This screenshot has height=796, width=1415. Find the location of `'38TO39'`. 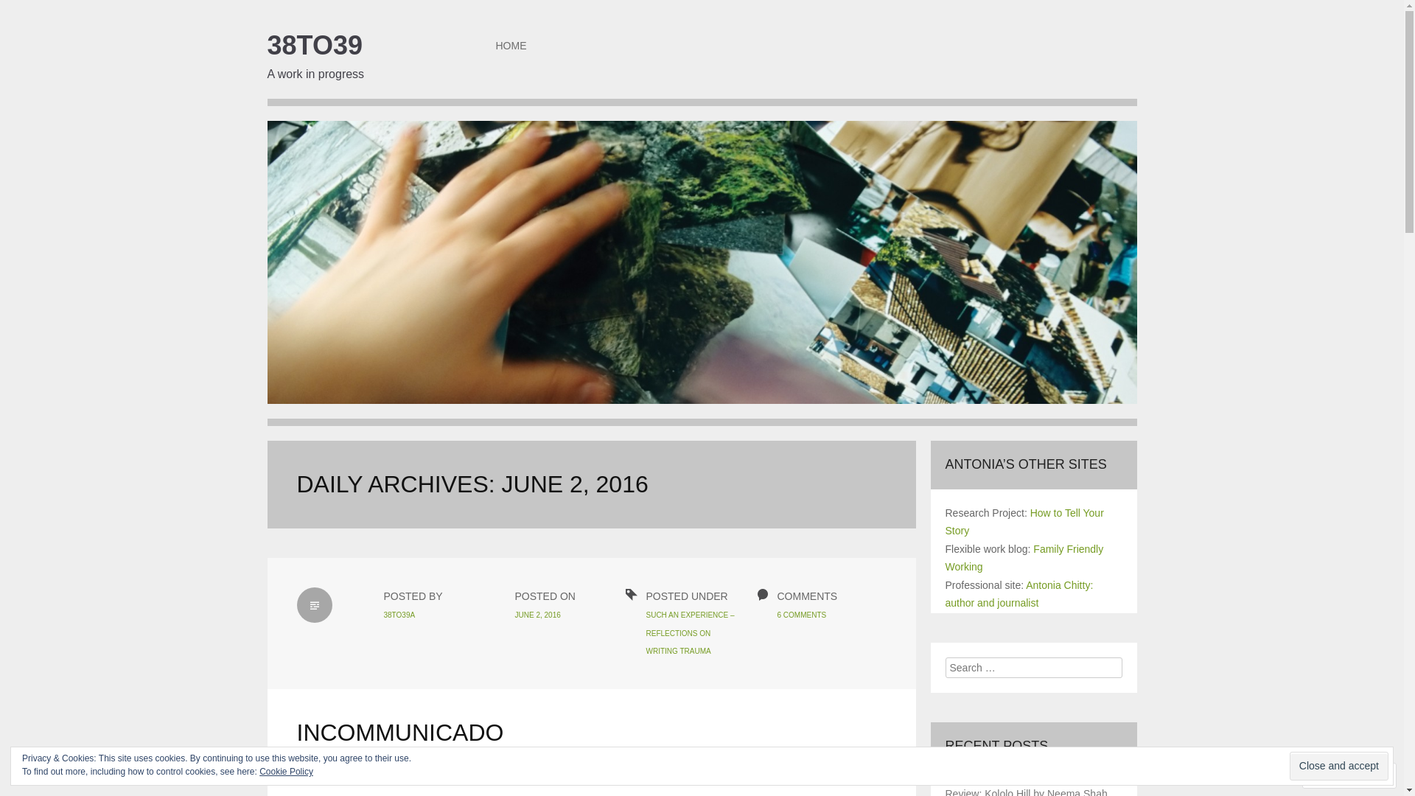

'38TO39' is located at coordinates (313, 44).